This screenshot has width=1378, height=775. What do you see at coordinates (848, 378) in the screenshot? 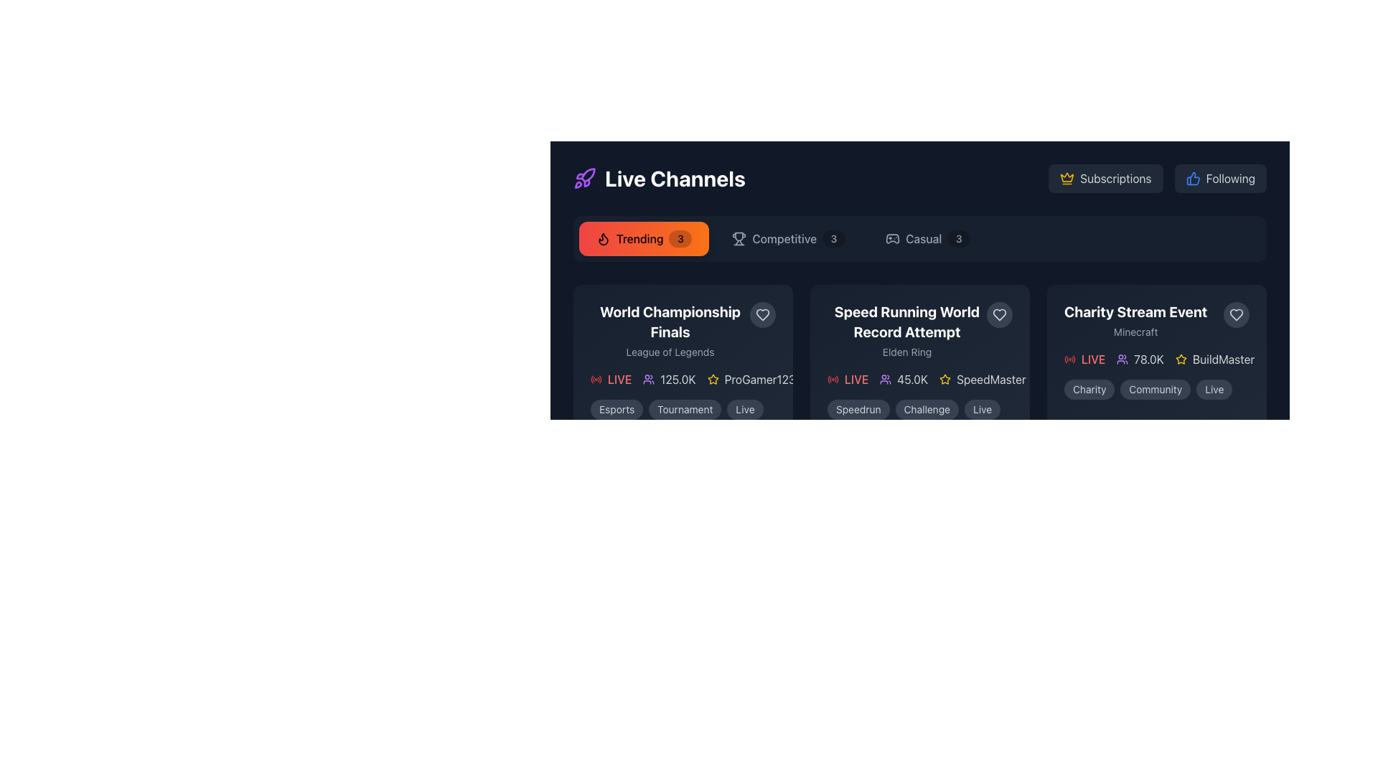
I see `the 'LIVE' label with a red font and pulsing icon to potentially reveal a tooltip` at bounding box center [848, 378].